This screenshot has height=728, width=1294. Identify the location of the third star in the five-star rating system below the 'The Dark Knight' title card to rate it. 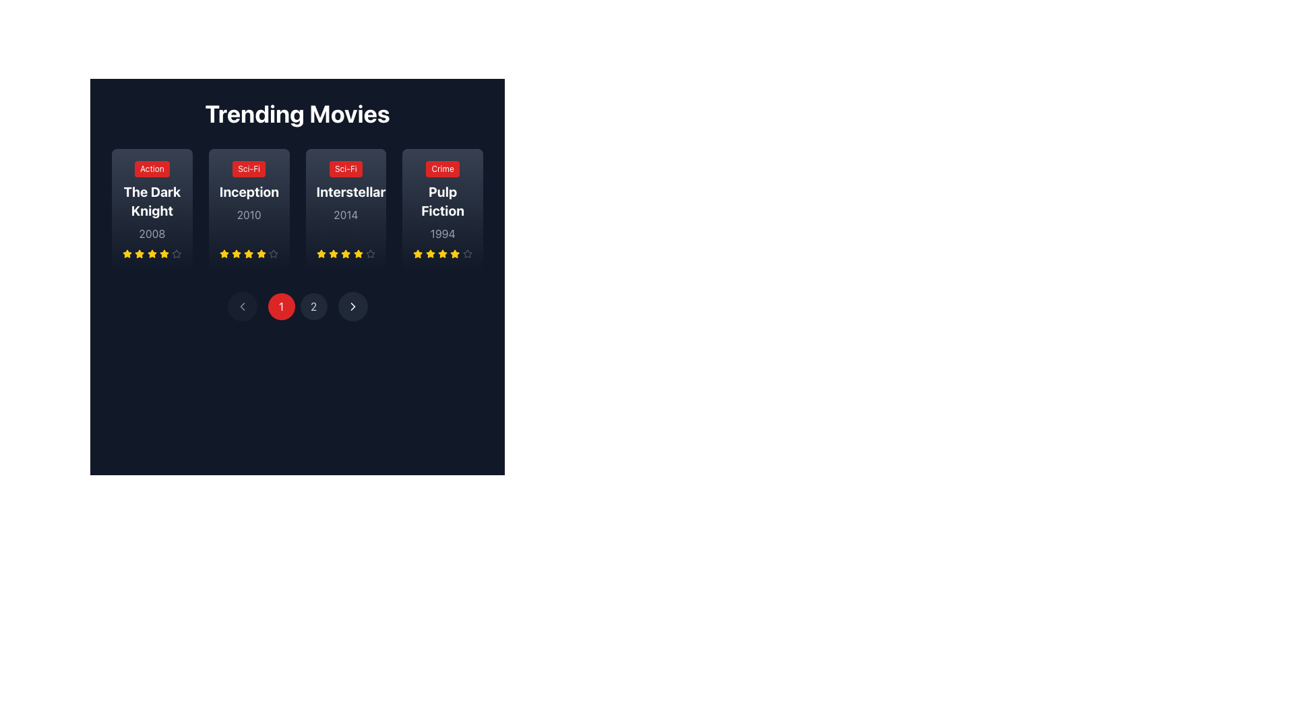
(140, 253).